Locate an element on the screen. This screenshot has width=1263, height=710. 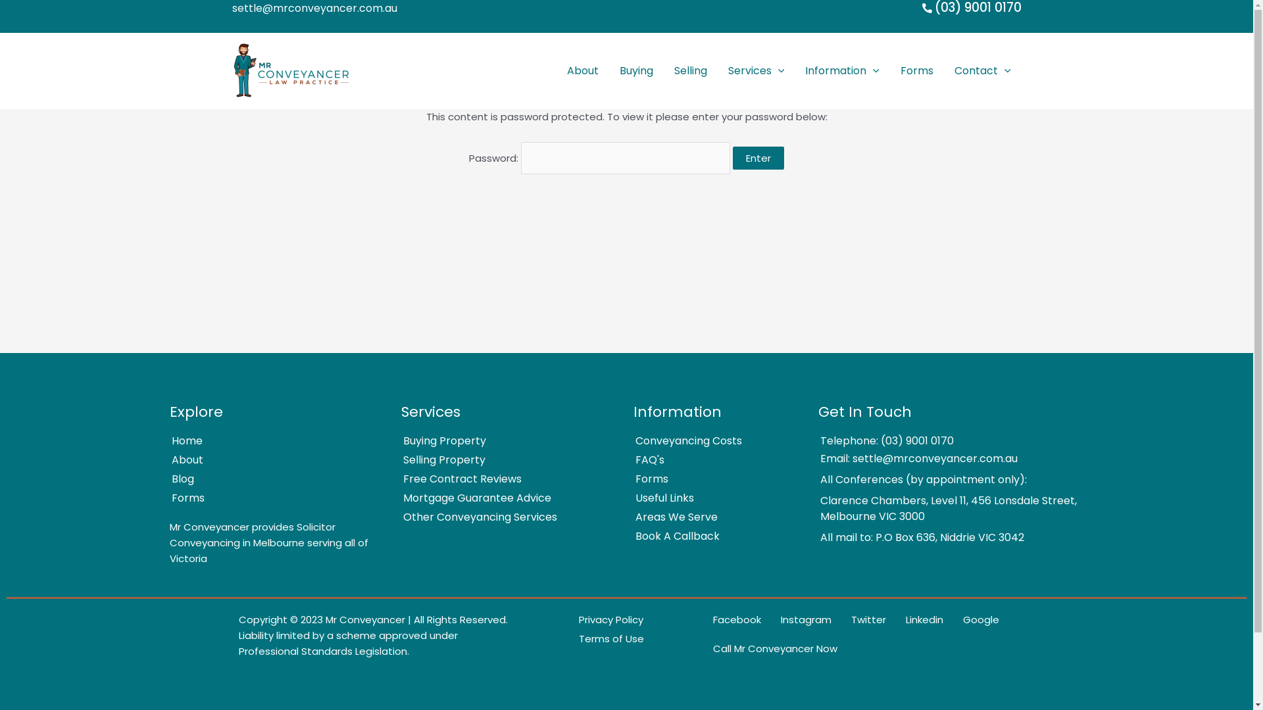
'Linkedin' is located at coordinates (915, 619).